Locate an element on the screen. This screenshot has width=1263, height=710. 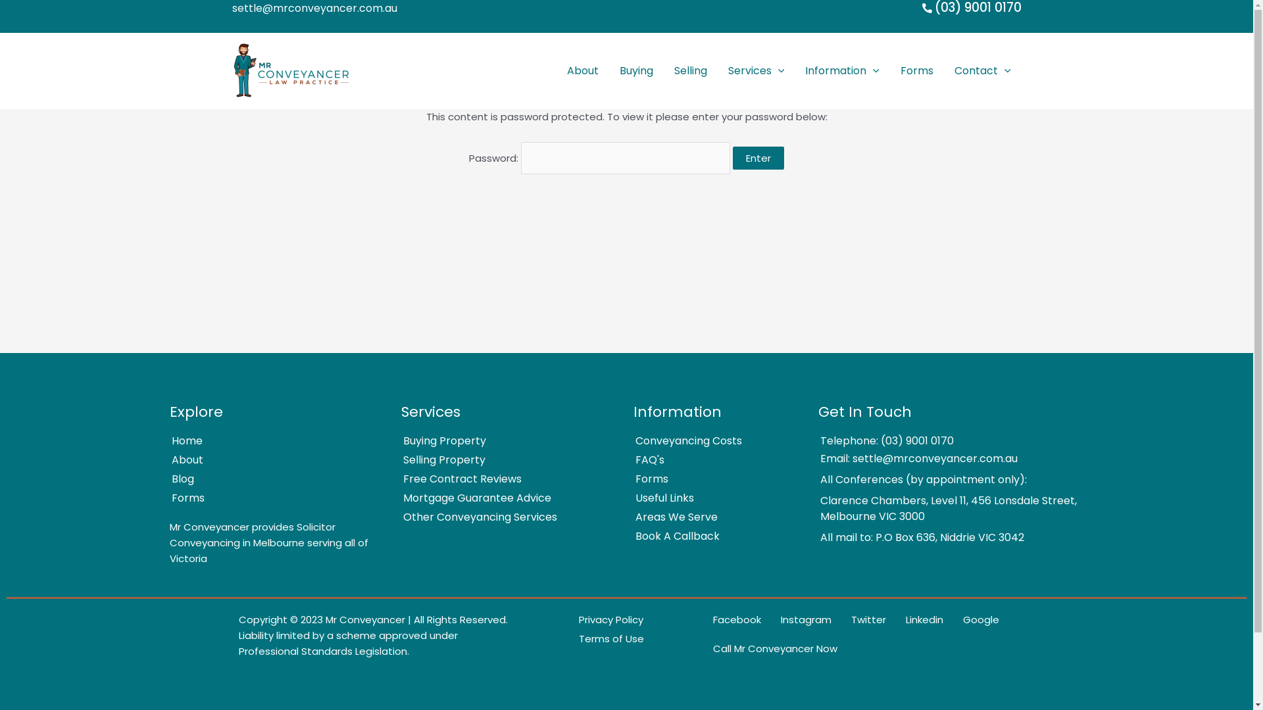
'Linkedin' is located at coordinates (915, 619).